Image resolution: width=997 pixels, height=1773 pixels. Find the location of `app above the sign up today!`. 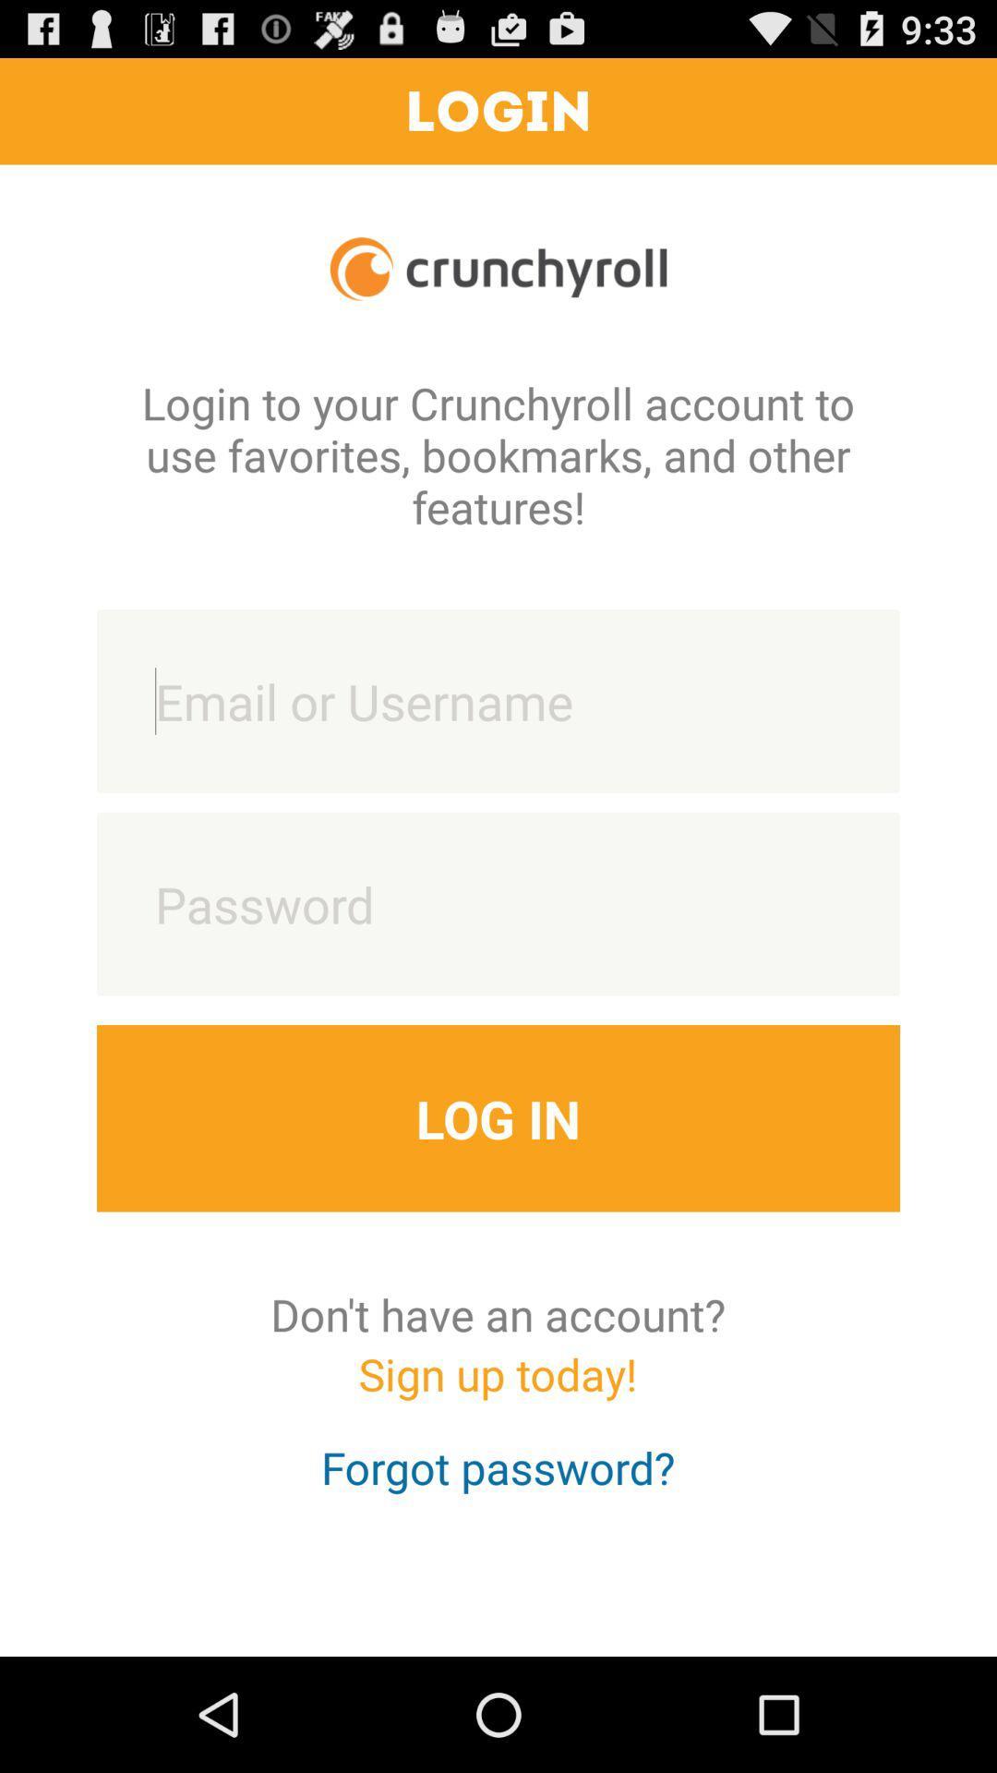

app above the sign up today! is located at coordinates (497, 1313).